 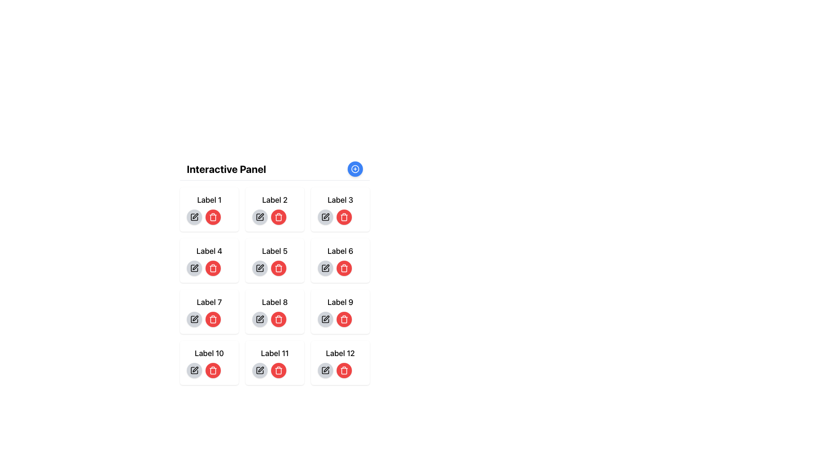 I want to click on the pen icon within the gray circular button in the grid's 9th position of the 'Interactive Panel' interface to potentially see a tooltip or hover effect, so click(x=325, y=319).